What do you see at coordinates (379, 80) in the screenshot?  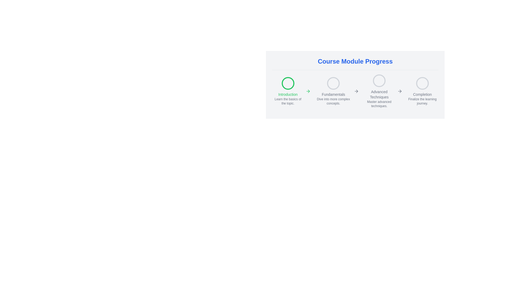 I see `the Circular progress indicator that represents the 'Advanced Techniques' module in the course` at bounding box center [379, 80].